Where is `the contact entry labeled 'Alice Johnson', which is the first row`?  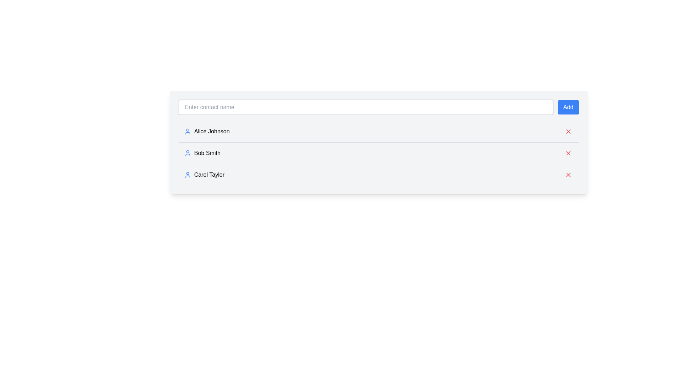
the contact entry labeled 'Alice Johnson', which is the first row is located at coordinates (206, 132).